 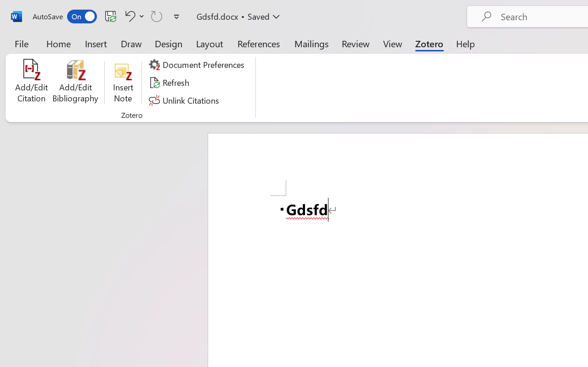 I want to click on 'Undo <ApplyStyleToDoc>b__0', so click(x=128, y=16).